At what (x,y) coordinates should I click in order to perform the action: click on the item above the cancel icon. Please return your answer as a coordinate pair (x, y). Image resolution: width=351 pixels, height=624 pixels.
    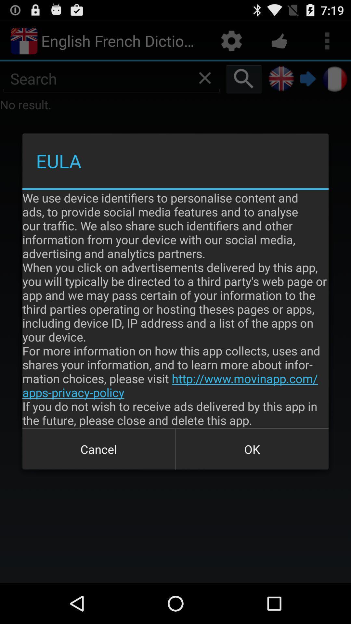
    Looking at the image, I should click on (175, 308).